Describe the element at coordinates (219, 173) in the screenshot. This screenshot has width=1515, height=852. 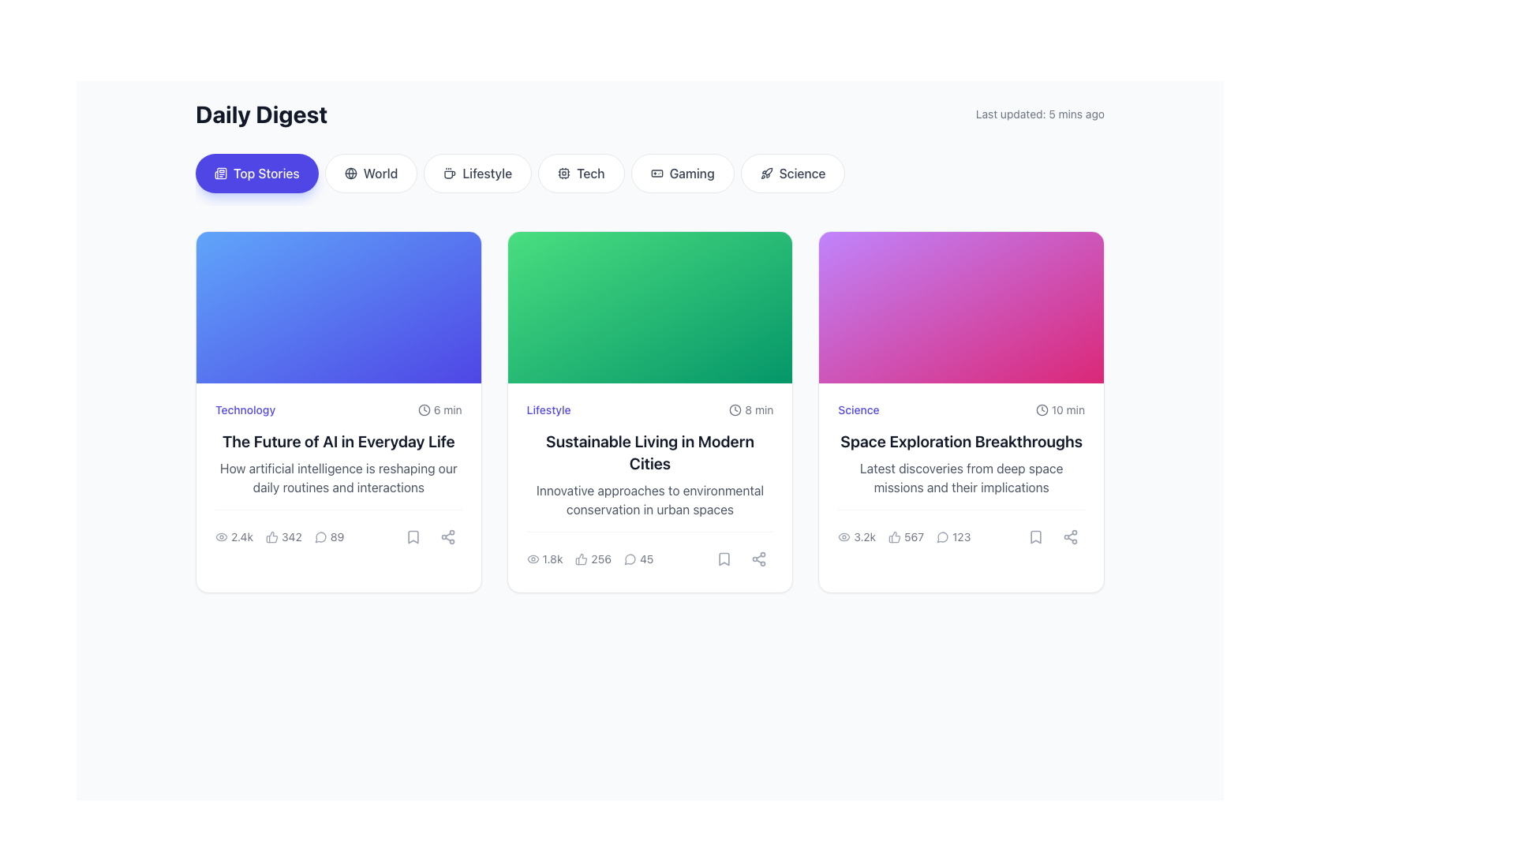
I see `the decorative icon within the 'Top Stories' button, which signifies news or recent articles` at that location.